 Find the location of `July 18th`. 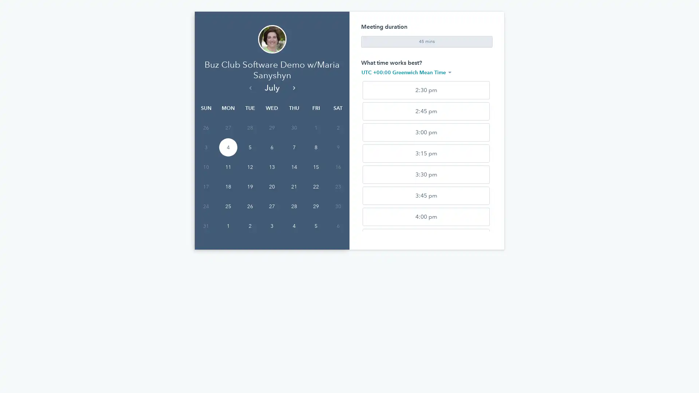

July 18th is located at coordinates (227, 214).